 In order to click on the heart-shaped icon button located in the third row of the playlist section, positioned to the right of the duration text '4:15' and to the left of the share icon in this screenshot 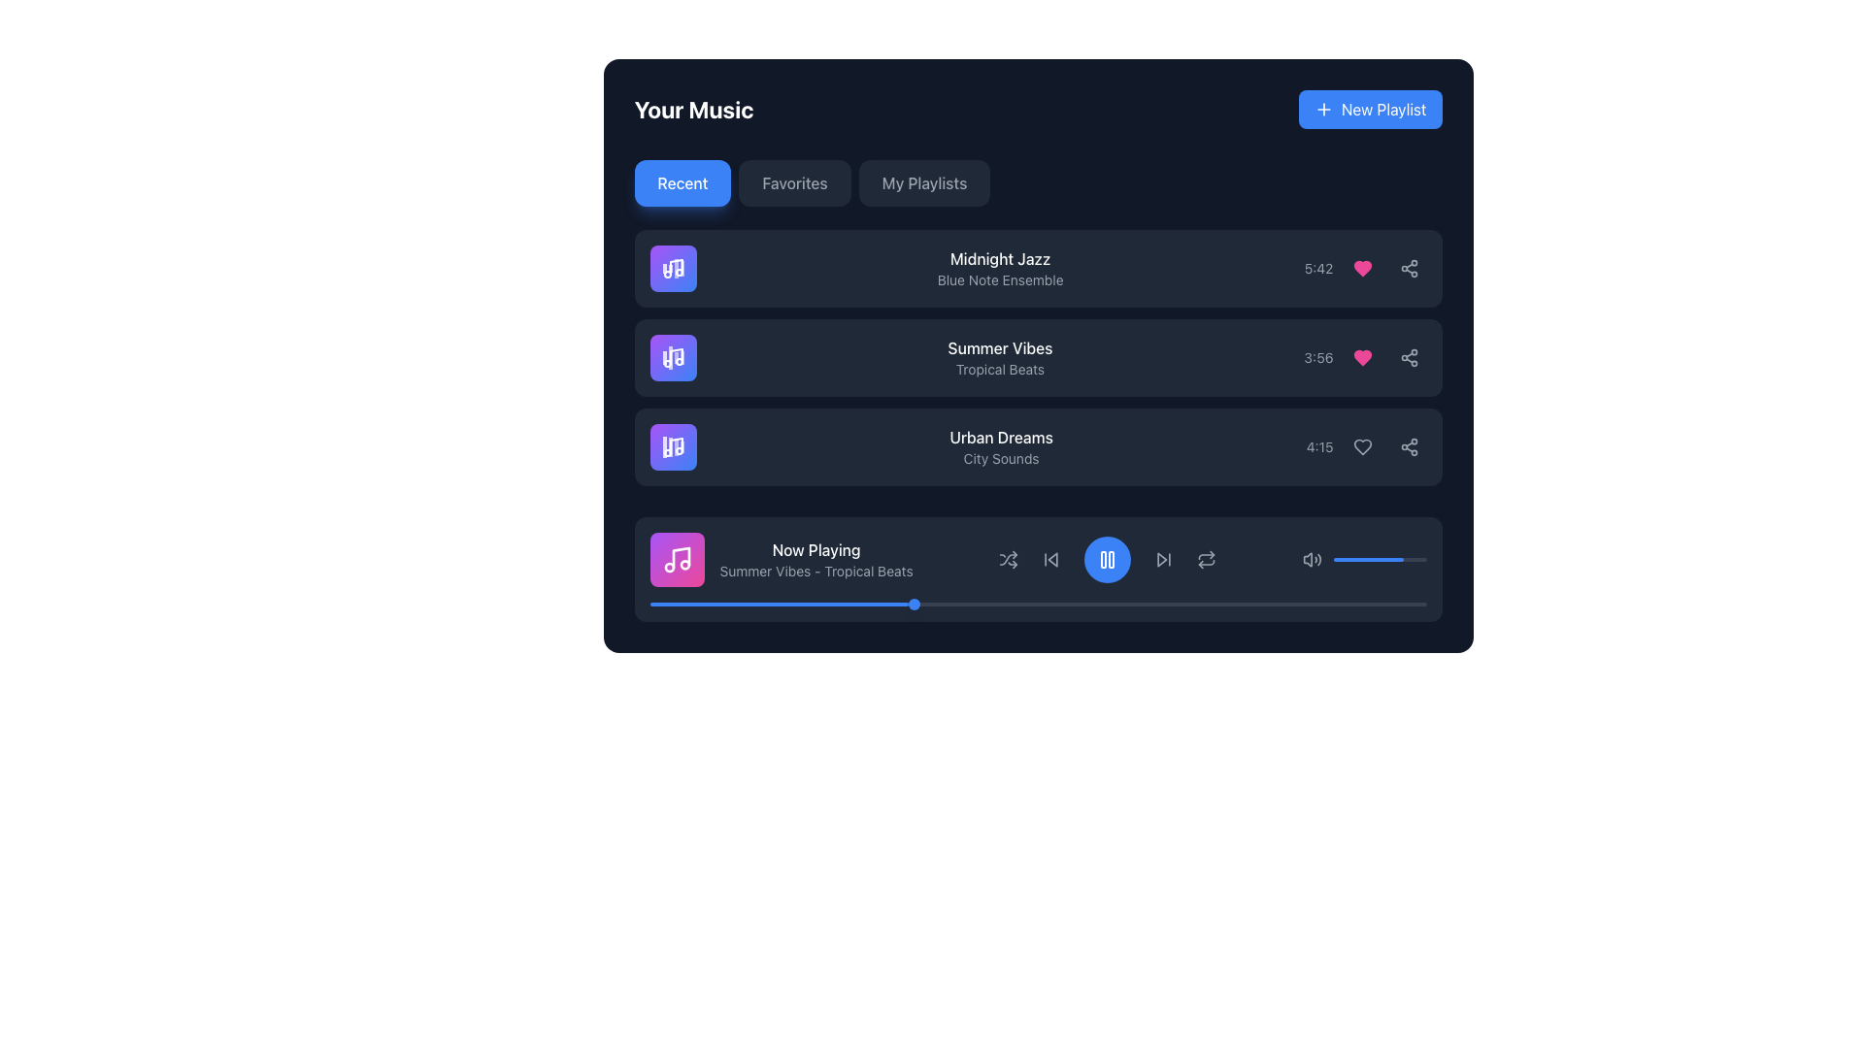, I will do `click(1361, 447)`.